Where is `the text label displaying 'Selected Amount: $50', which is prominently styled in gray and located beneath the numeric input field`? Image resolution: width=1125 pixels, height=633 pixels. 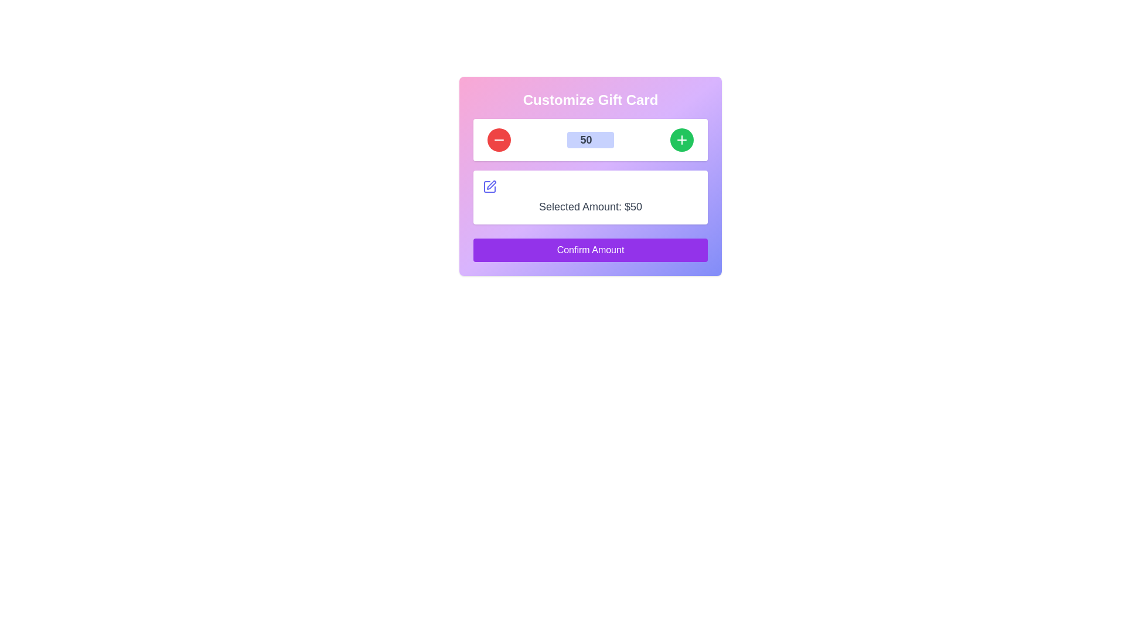
the text label displaying 'Selected Amount: $50', which is prominently styled in gray and located beneath the numeric input field is located at coordinates (591, 206).